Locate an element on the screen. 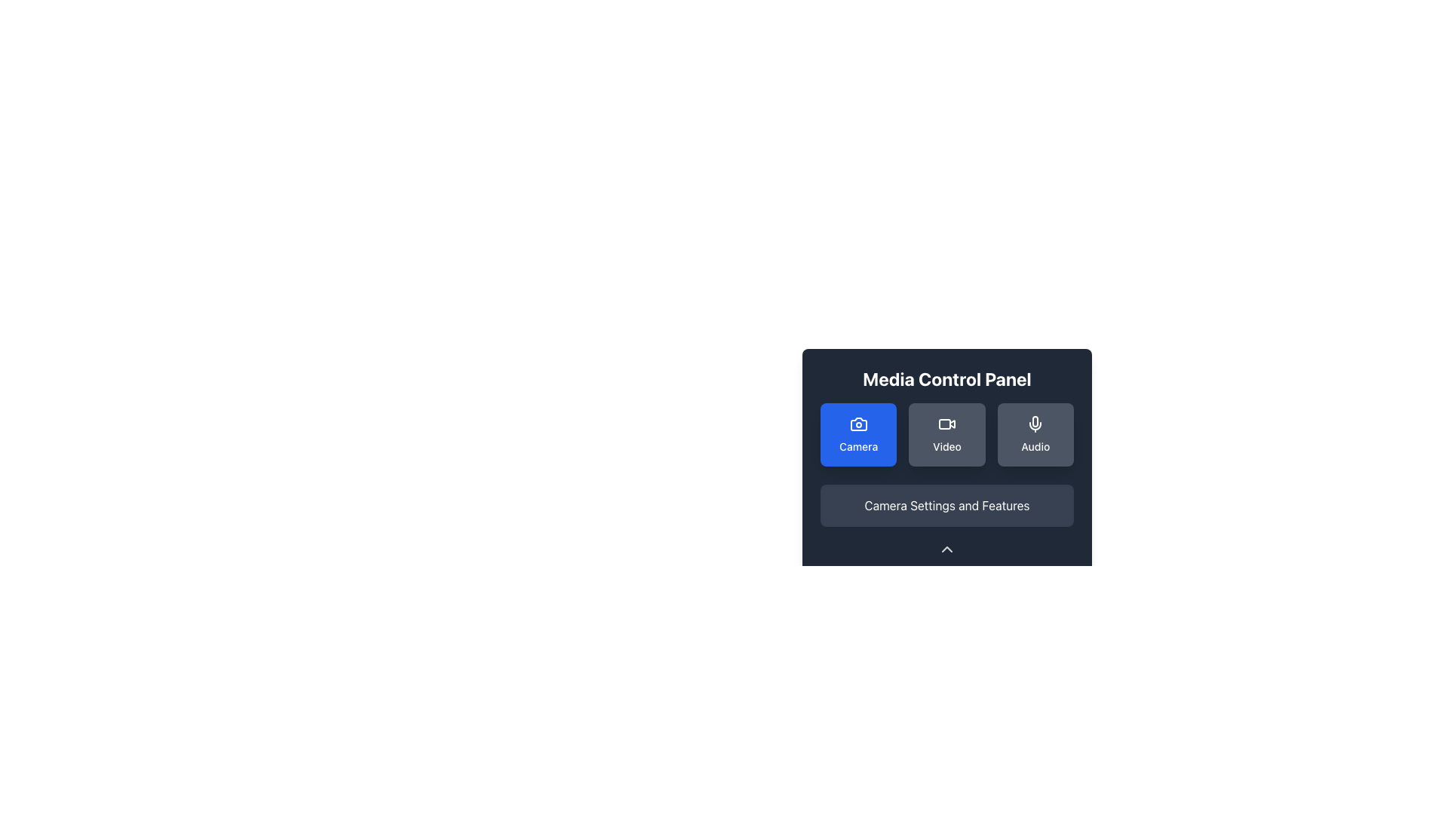 This screenshot has height=814, width=1448. the 'Camera' button in the Media Control Panel, which contains a minimalist outline style camera icon with a blue background and rounded borders is located at coordinates (858, 424).